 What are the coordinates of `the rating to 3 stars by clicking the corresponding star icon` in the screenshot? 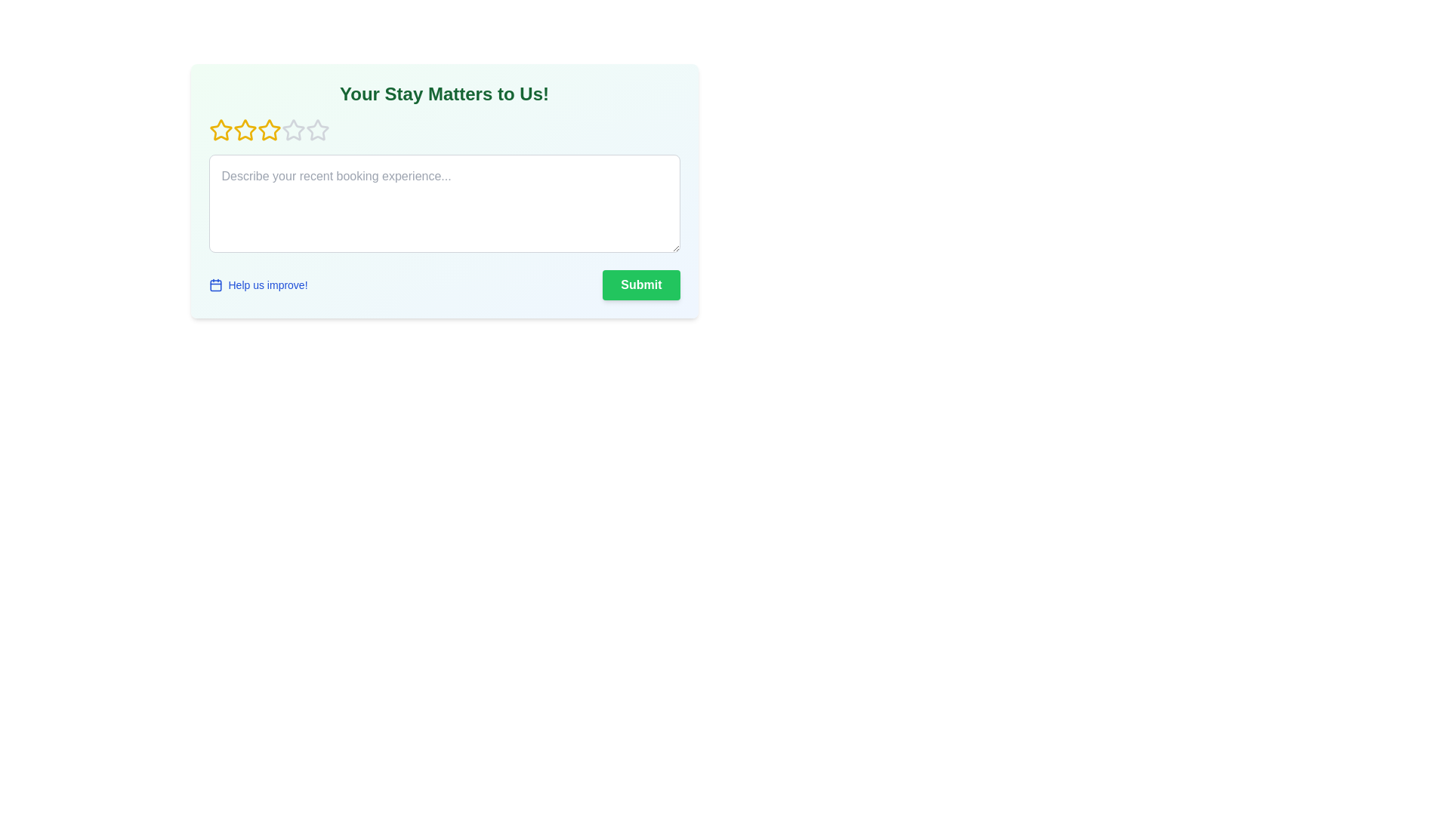 It's located at (269, 130).